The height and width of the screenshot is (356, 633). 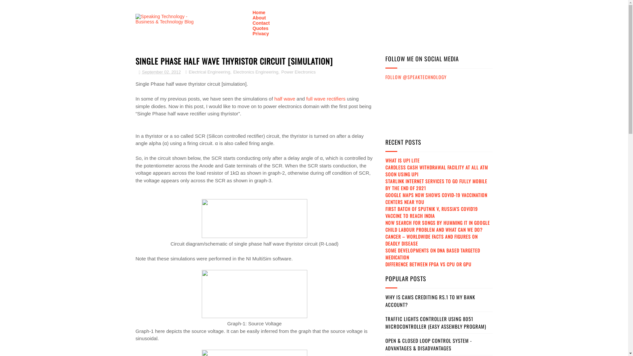 I want to click on 'Power Electronics', so click(x=297, y=72).